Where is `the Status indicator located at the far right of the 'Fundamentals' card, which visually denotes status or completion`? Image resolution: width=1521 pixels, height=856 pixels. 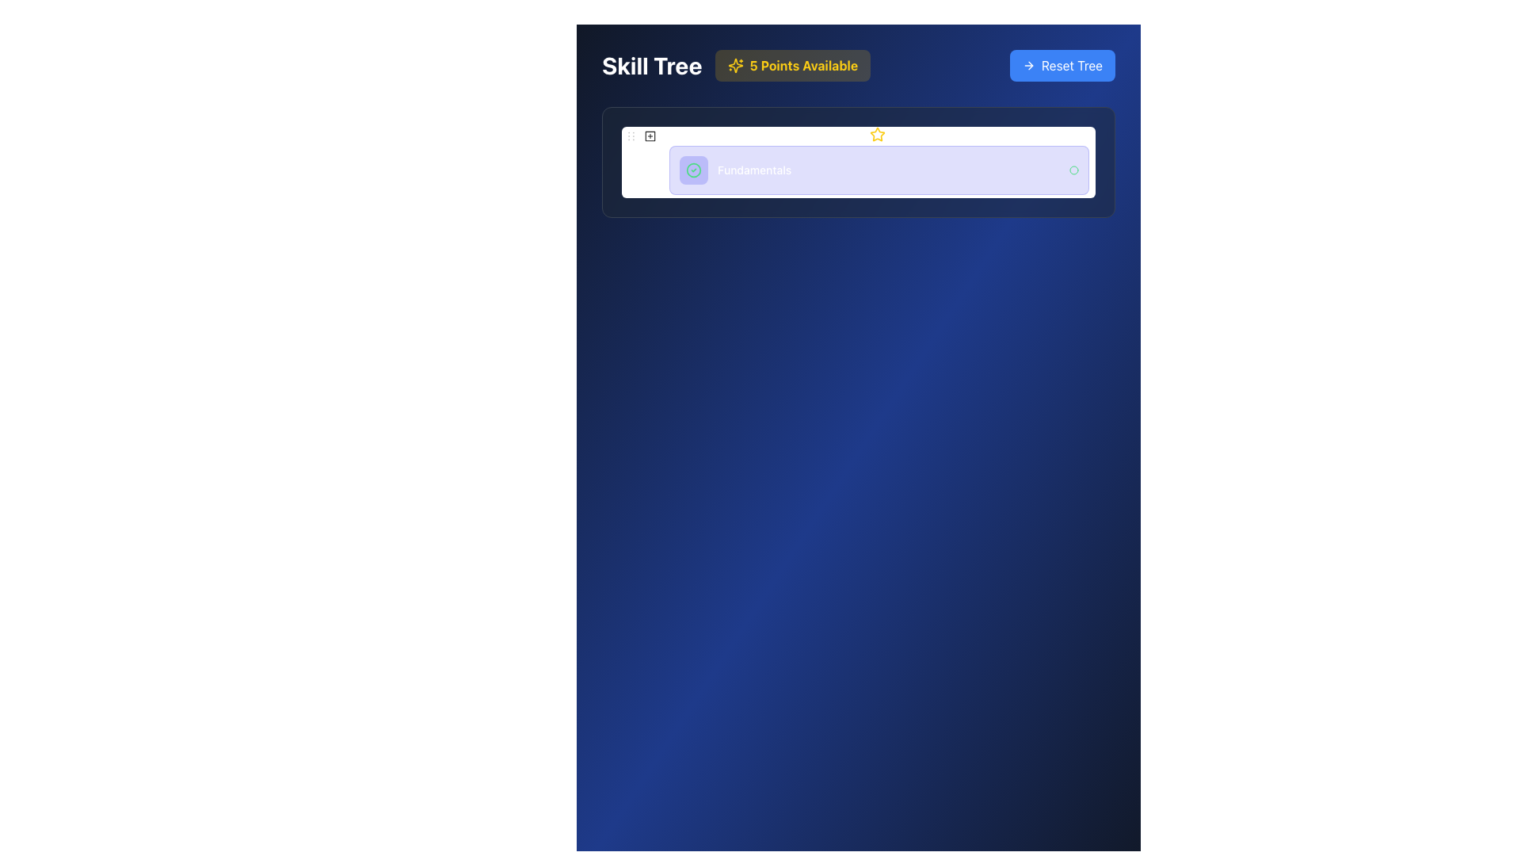 the Status indicator located at the far right of the 'Fundamentals' card, which visually denotes status or completion is located at coordinates (1074, 170).